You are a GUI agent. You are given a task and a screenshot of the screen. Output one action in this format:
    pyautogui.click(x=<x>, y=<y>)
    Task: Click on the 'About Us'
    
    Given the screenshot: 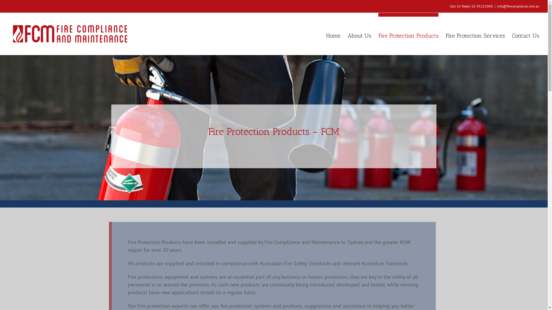 What is the action you would take?
    pyautogui.click(x=359, y=34)
    